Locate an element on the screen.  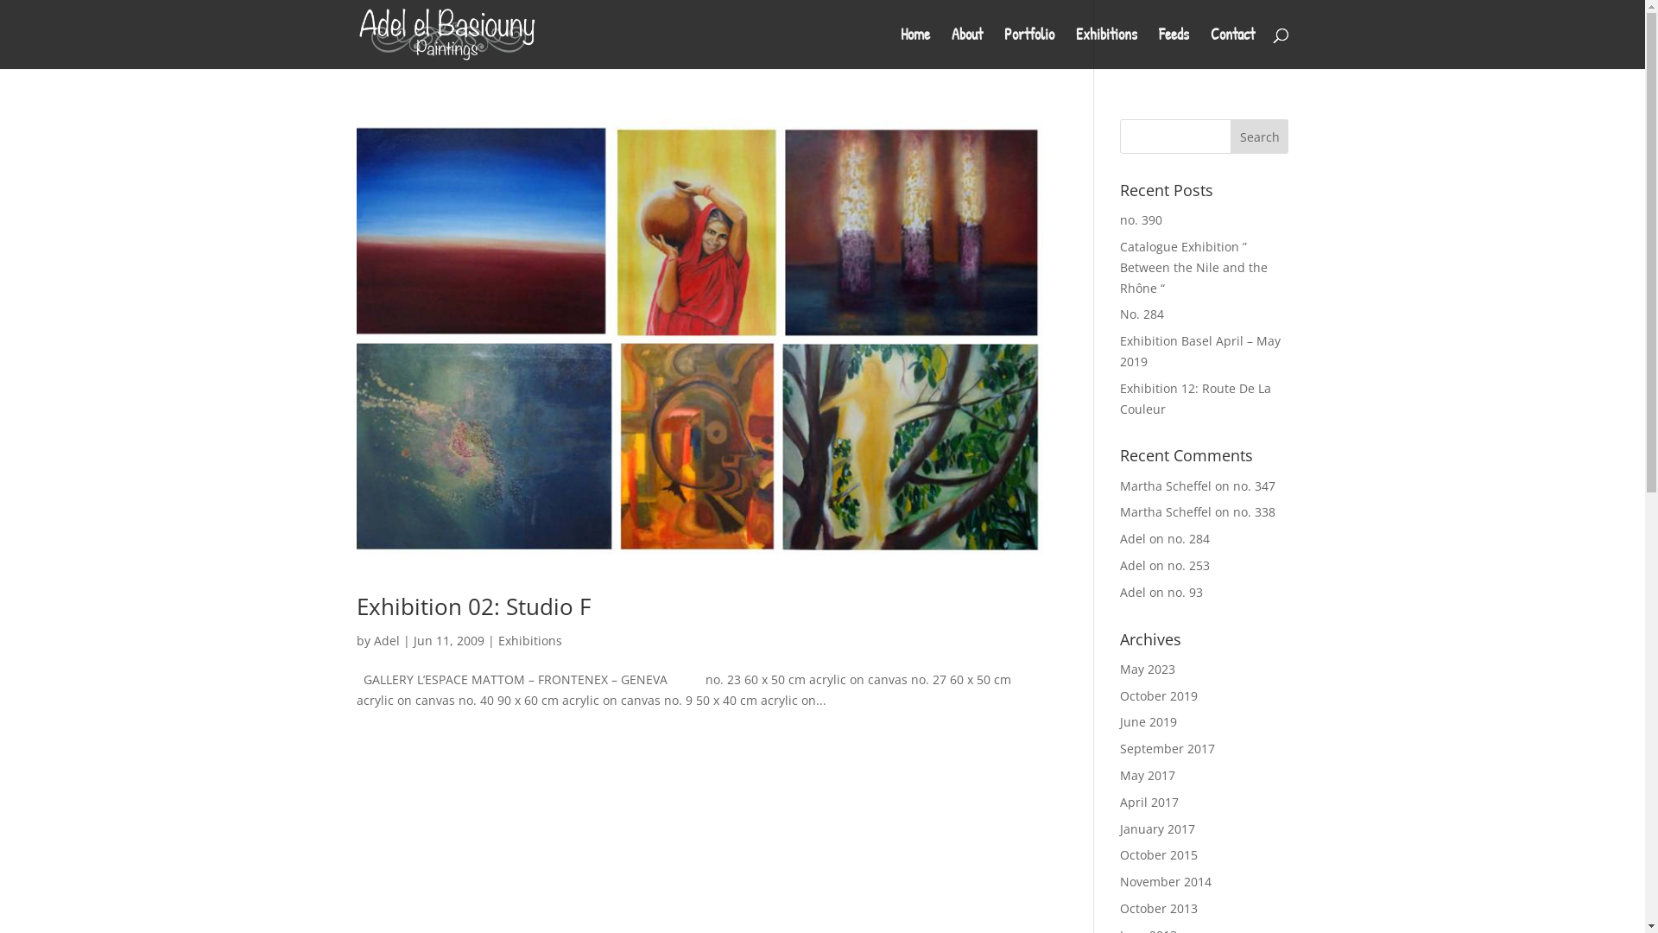
'October 2015' is located at coordinates (1159, 854).